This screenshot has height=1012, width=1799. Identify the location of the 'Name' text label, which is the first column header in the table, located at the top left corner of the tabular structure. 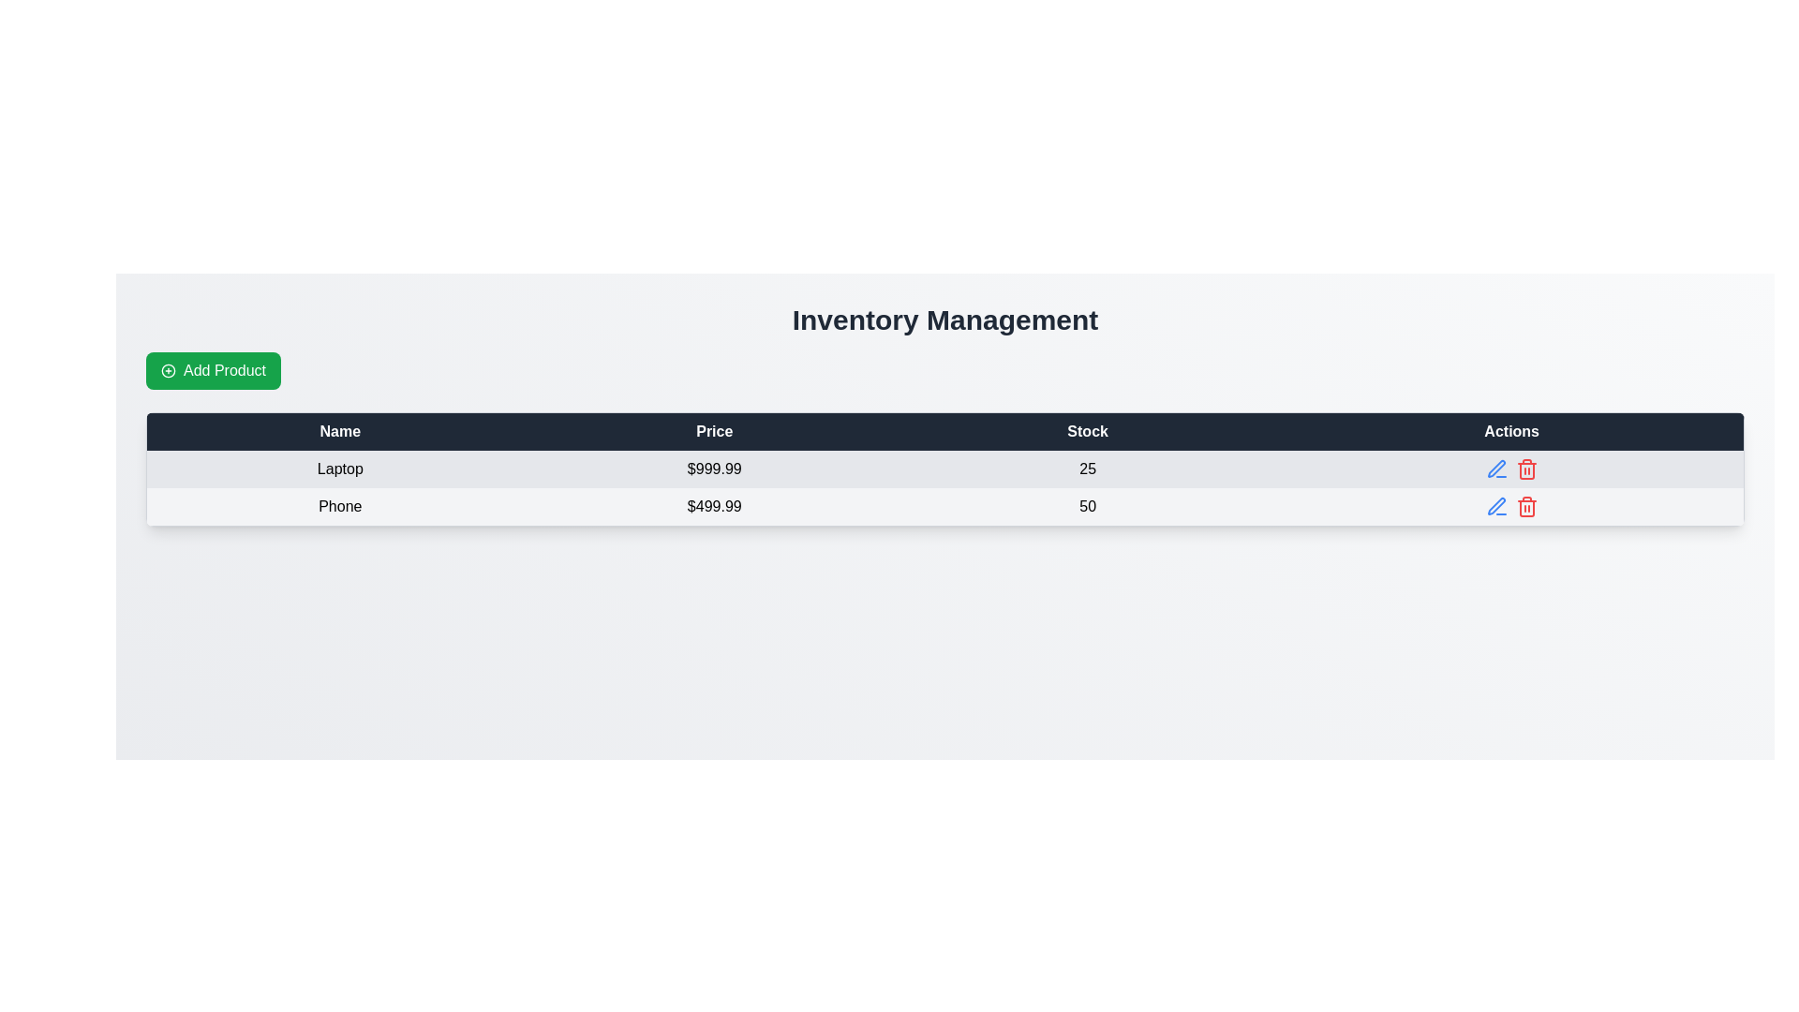
(340, 431).